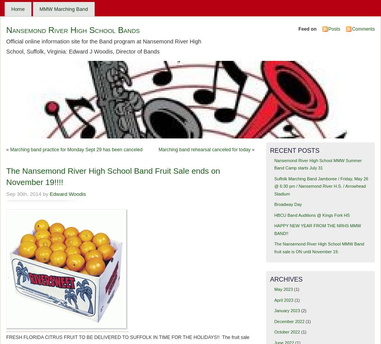 Image resolution: width=381 pixels, height=344 pixels. What do you see at coordinates (294, 149) in the screenshot?
I see `'Recent Posts'` at bounding box center [294, 149].